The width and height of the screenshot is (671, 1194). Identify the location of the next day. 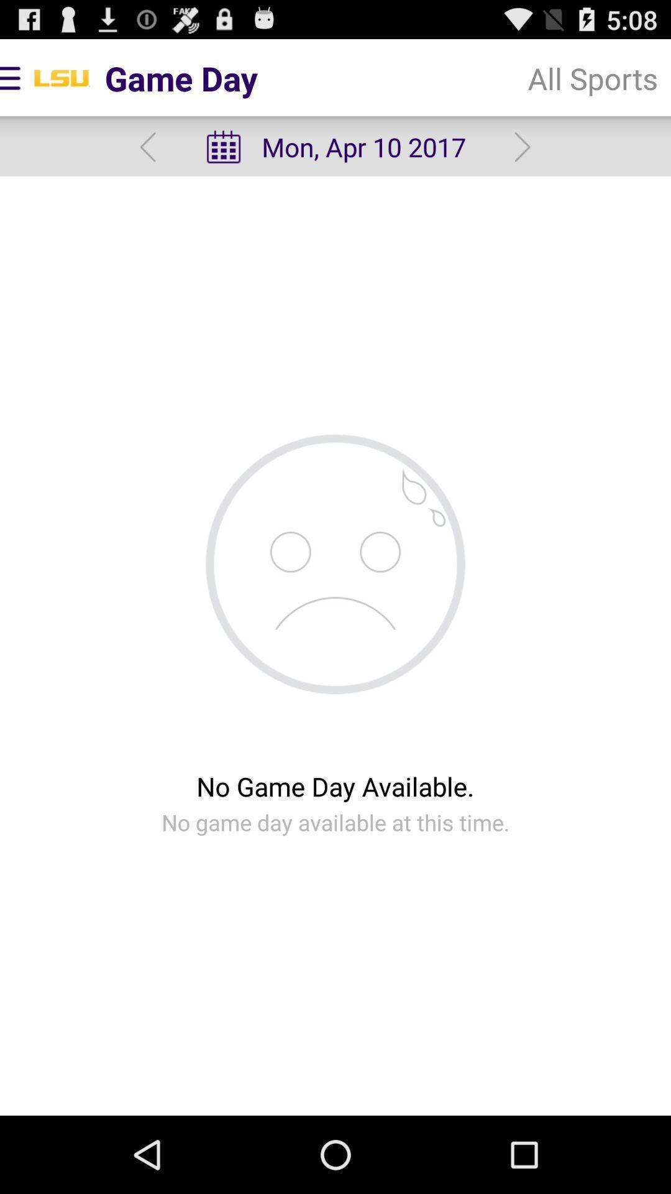
(523, 147).